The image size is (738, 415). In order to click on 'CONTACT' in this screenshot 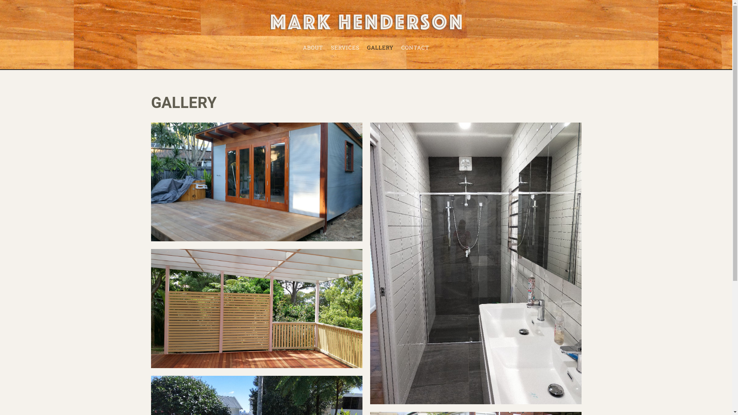, I will do `click(397, 47)`.